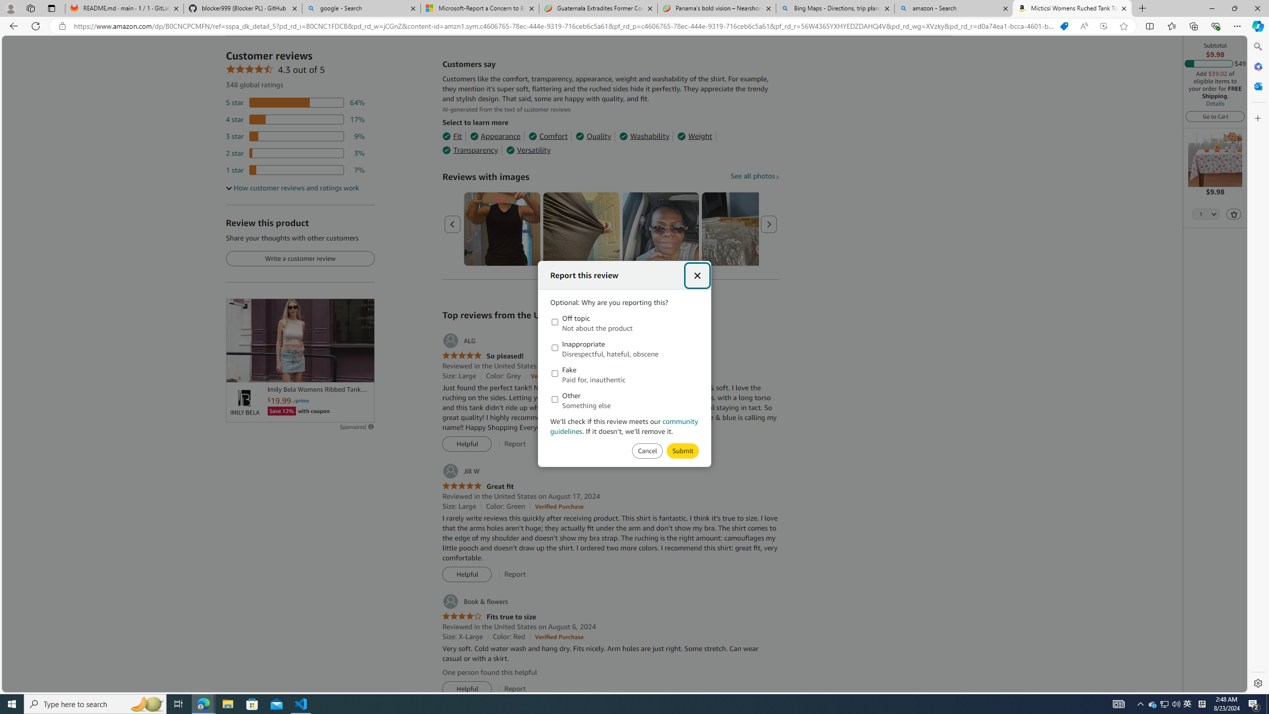 This screenshot has height=714, width=1269. What do you see at coordinates (483, 356) in the screenshot?
I see `'5.0 out of 5 stars So pleased!'` at bounding box center [483, 356].